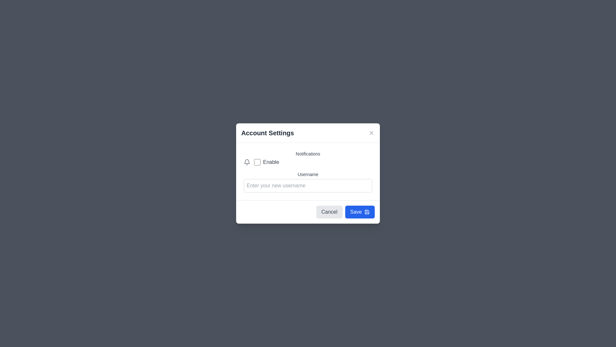 The image size is (616, 347). Describe the element at coordinates (371, 132) in the screenshot. I see `the small gray button with an 'X' icon located in the top-right corner of the 'Account Settings' modal dialog to darken its color` at that location.